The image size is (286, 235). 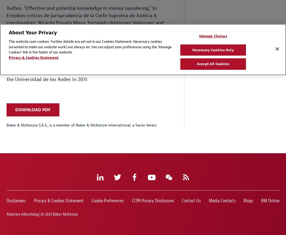 What do you see at coordinates (42, 214) in the screenshot?
I see `'Attorney Advertising | © 2023 Baker McKenzie'` at bounding box center [42, 214].